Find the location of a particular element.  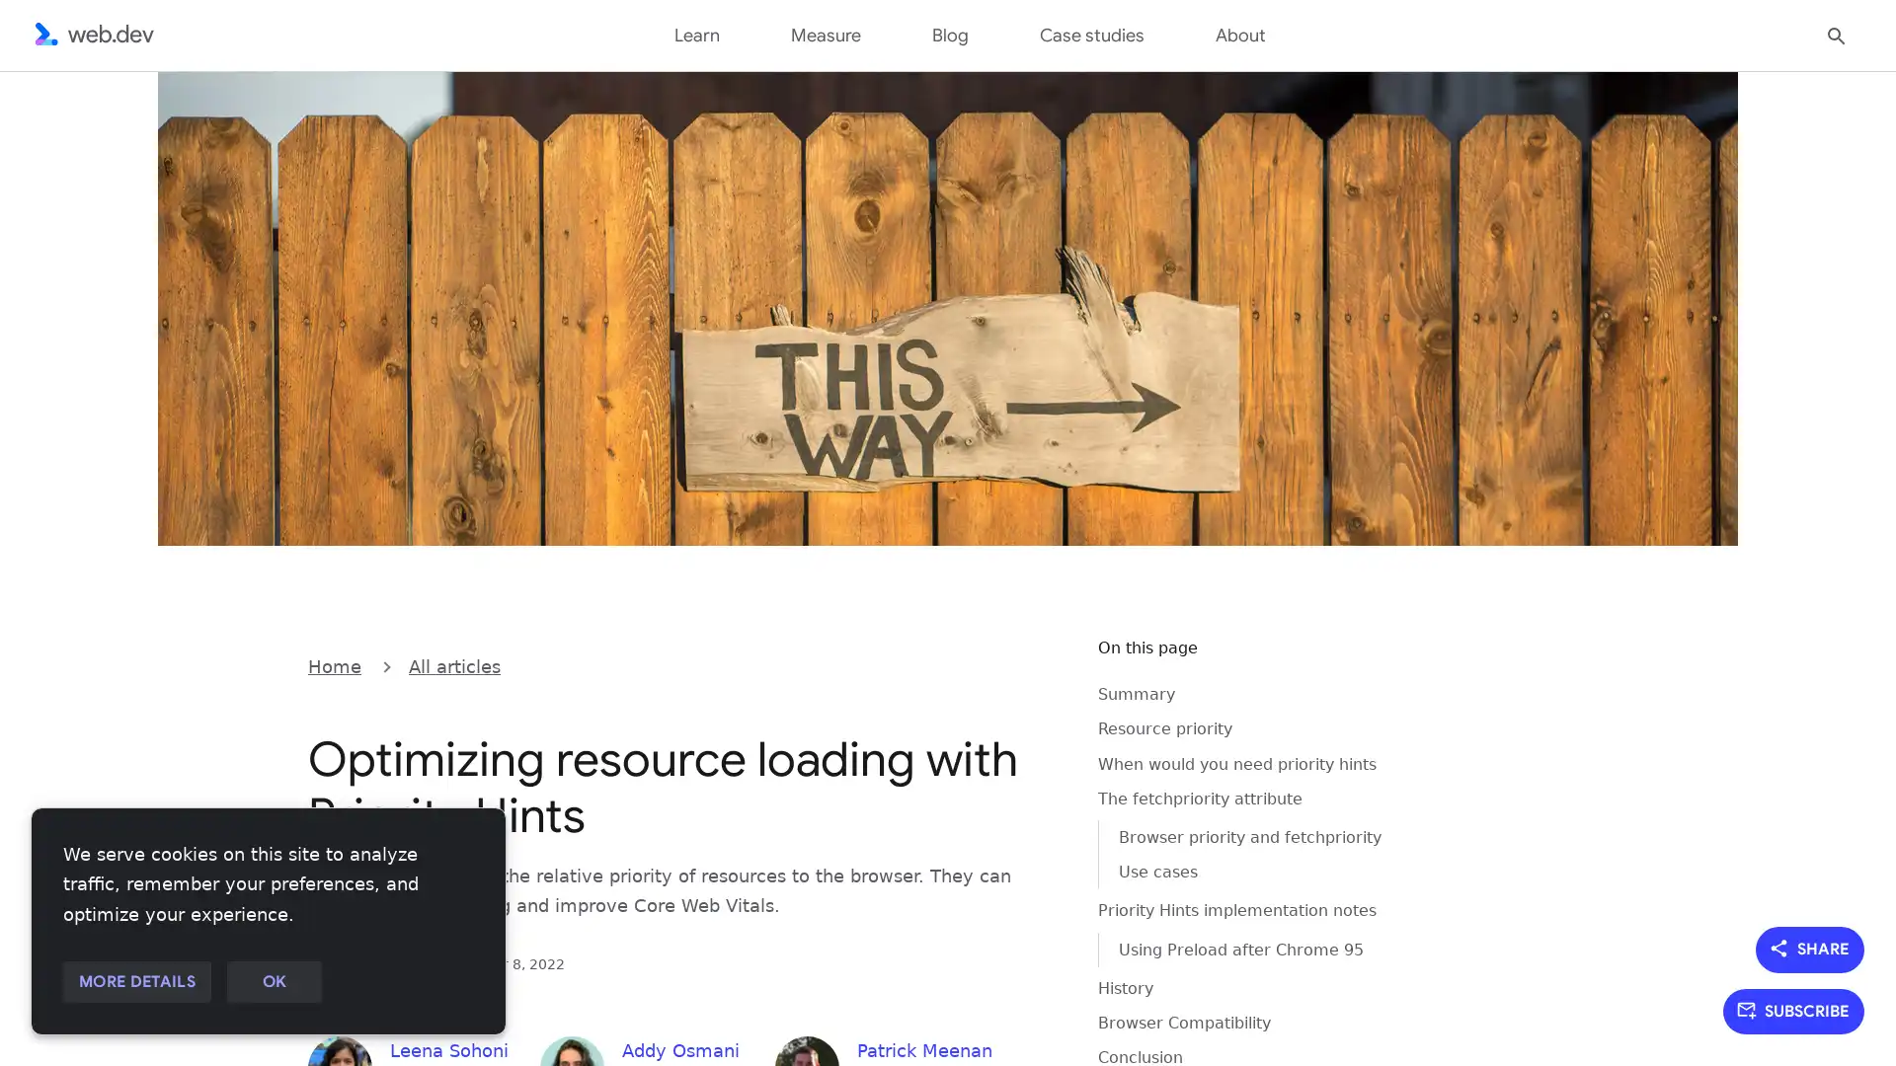

OK is located at coordinates (273, 982).